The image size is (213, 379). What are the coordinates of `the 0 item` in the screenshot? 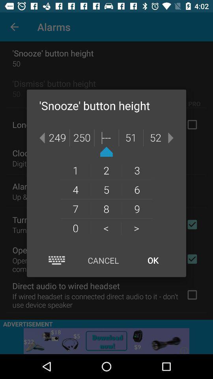 It's located at (75, 228).